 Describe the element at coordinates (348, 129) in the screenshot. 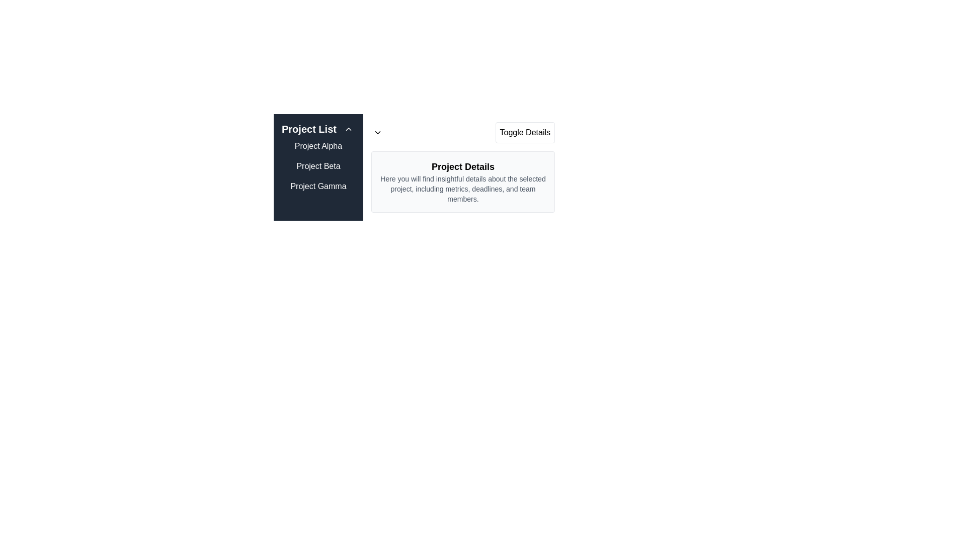

I see `the small triangular upward-pointing arrow icon button located to the right of the 'Project List' text to change its background color to gray` at that location.